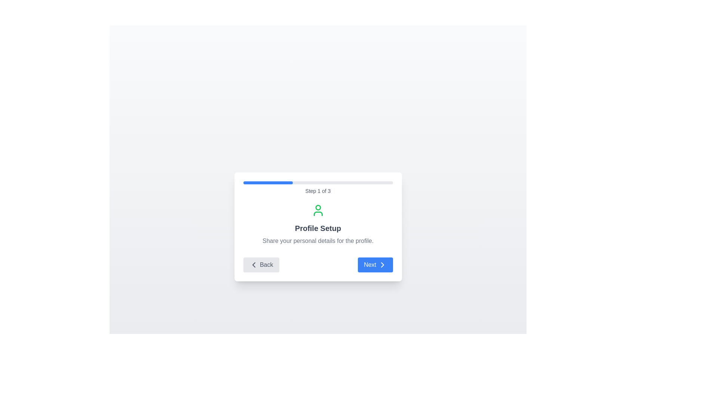 Image resolution: width=718 pixels, height=403 pixels. What do you see at coordinates (318, 210) in the screenshot?
I see `the profile icon located centrally within the setup card, just above the 'Profile Setup' header text` at bounding box center [318, 210].